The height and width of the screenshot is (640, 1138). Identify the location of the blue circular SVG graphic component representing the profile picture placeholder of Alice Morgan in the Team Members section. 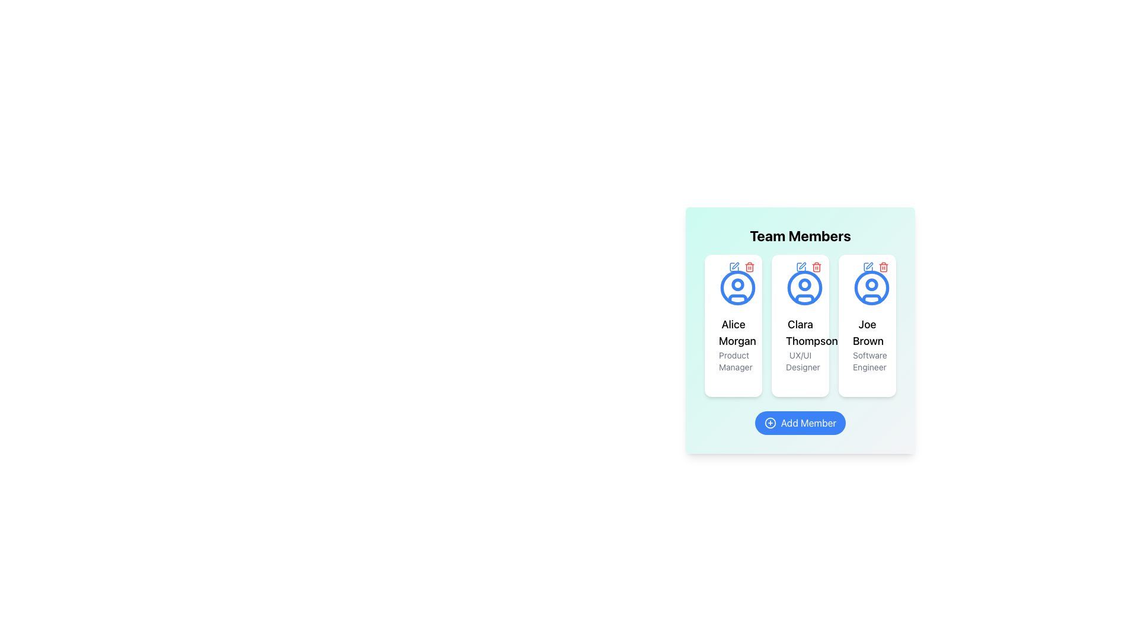
(737, 288).